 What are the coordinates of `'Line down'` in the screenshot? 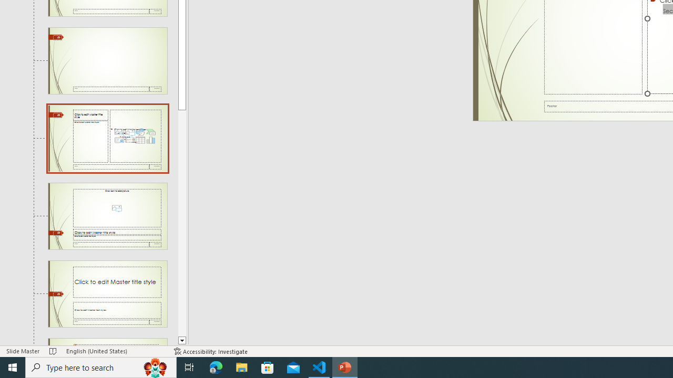 It's located at (182, 341).